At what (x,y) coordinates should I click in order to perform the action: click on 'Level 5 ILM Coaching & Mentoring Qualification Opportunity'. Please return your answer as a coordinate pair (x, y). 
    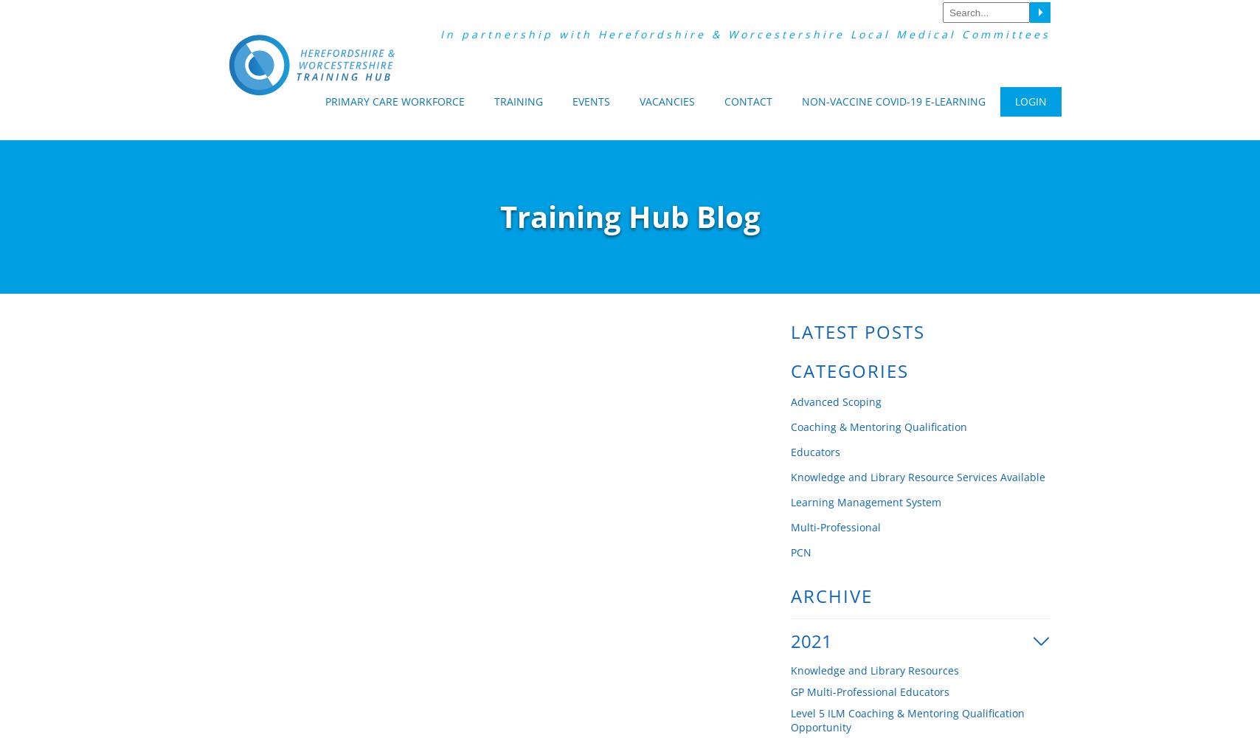
    Looking at the image, I should click on (907, 720).